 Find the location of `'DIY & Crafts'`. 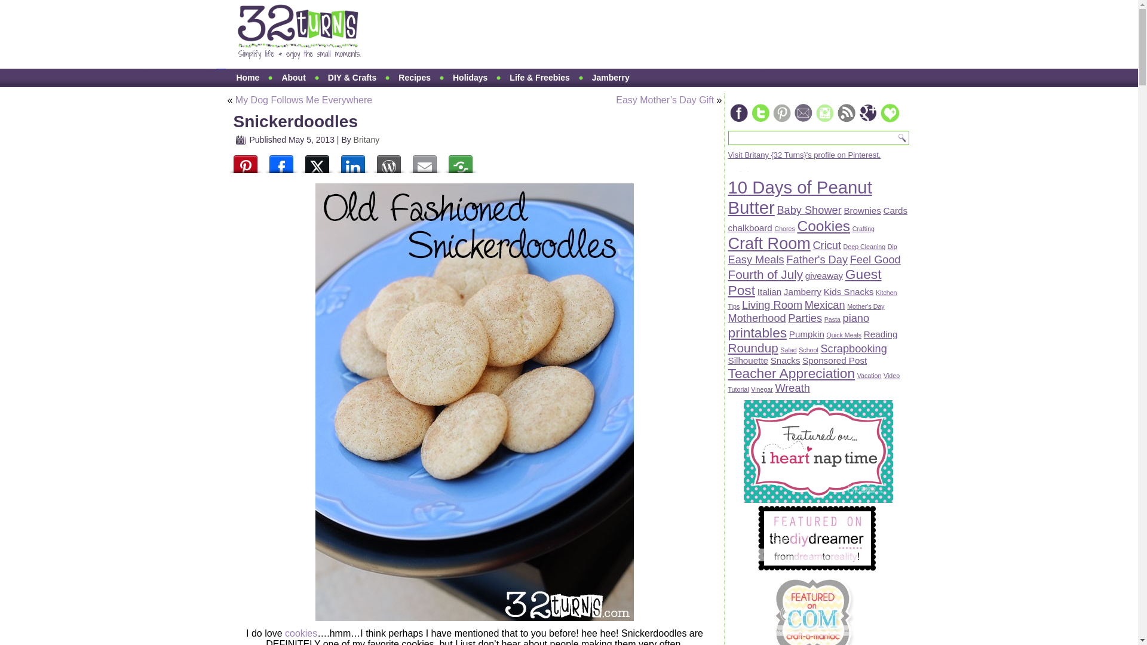

'DIY & Crafts' is located at coordinates (351, 78).